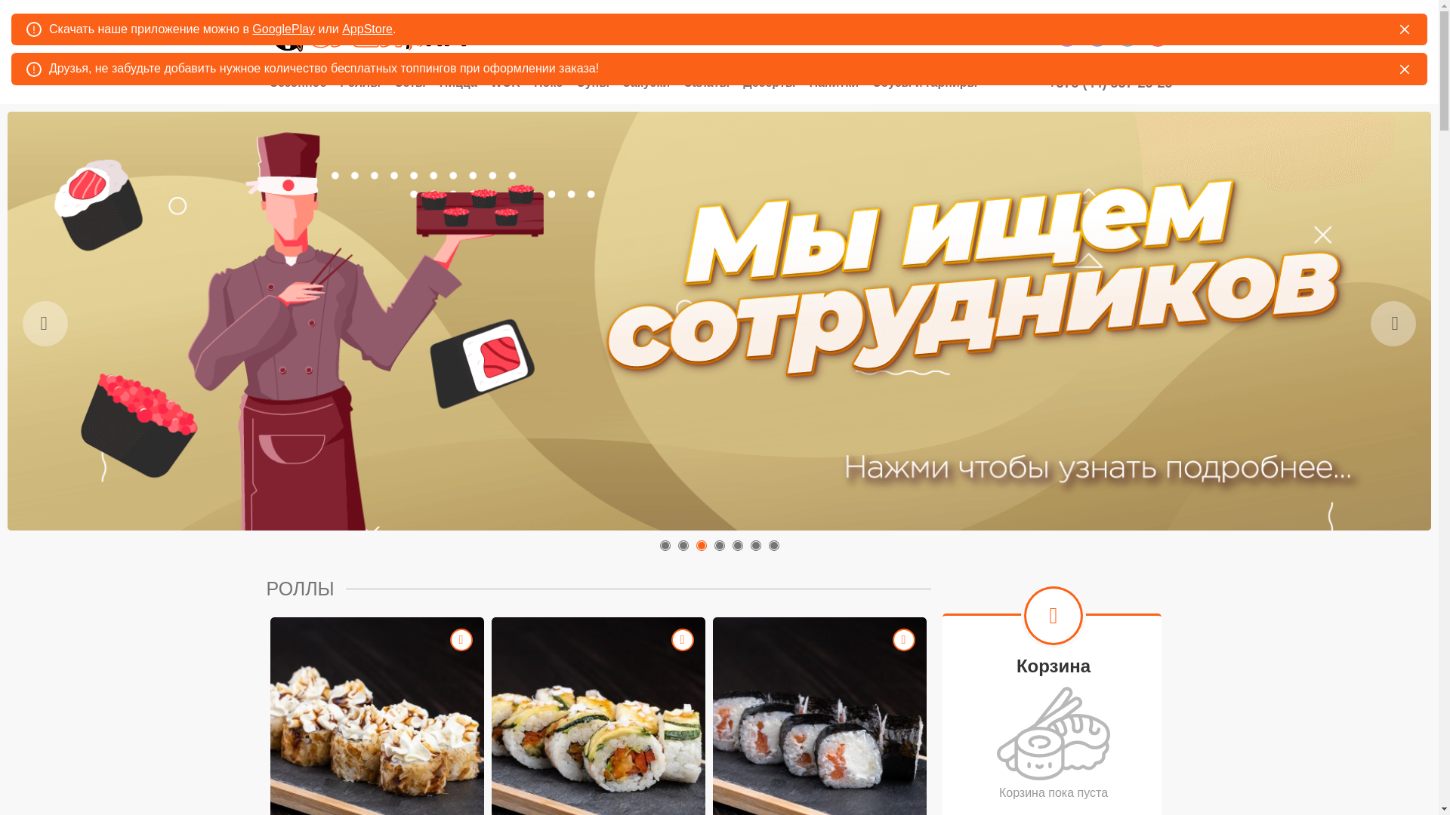 The height and width of the screenshot is (815, 1450). Describe the element at coordinates (367, 29) in the screenshot. I see `'AppStore'` at that location.